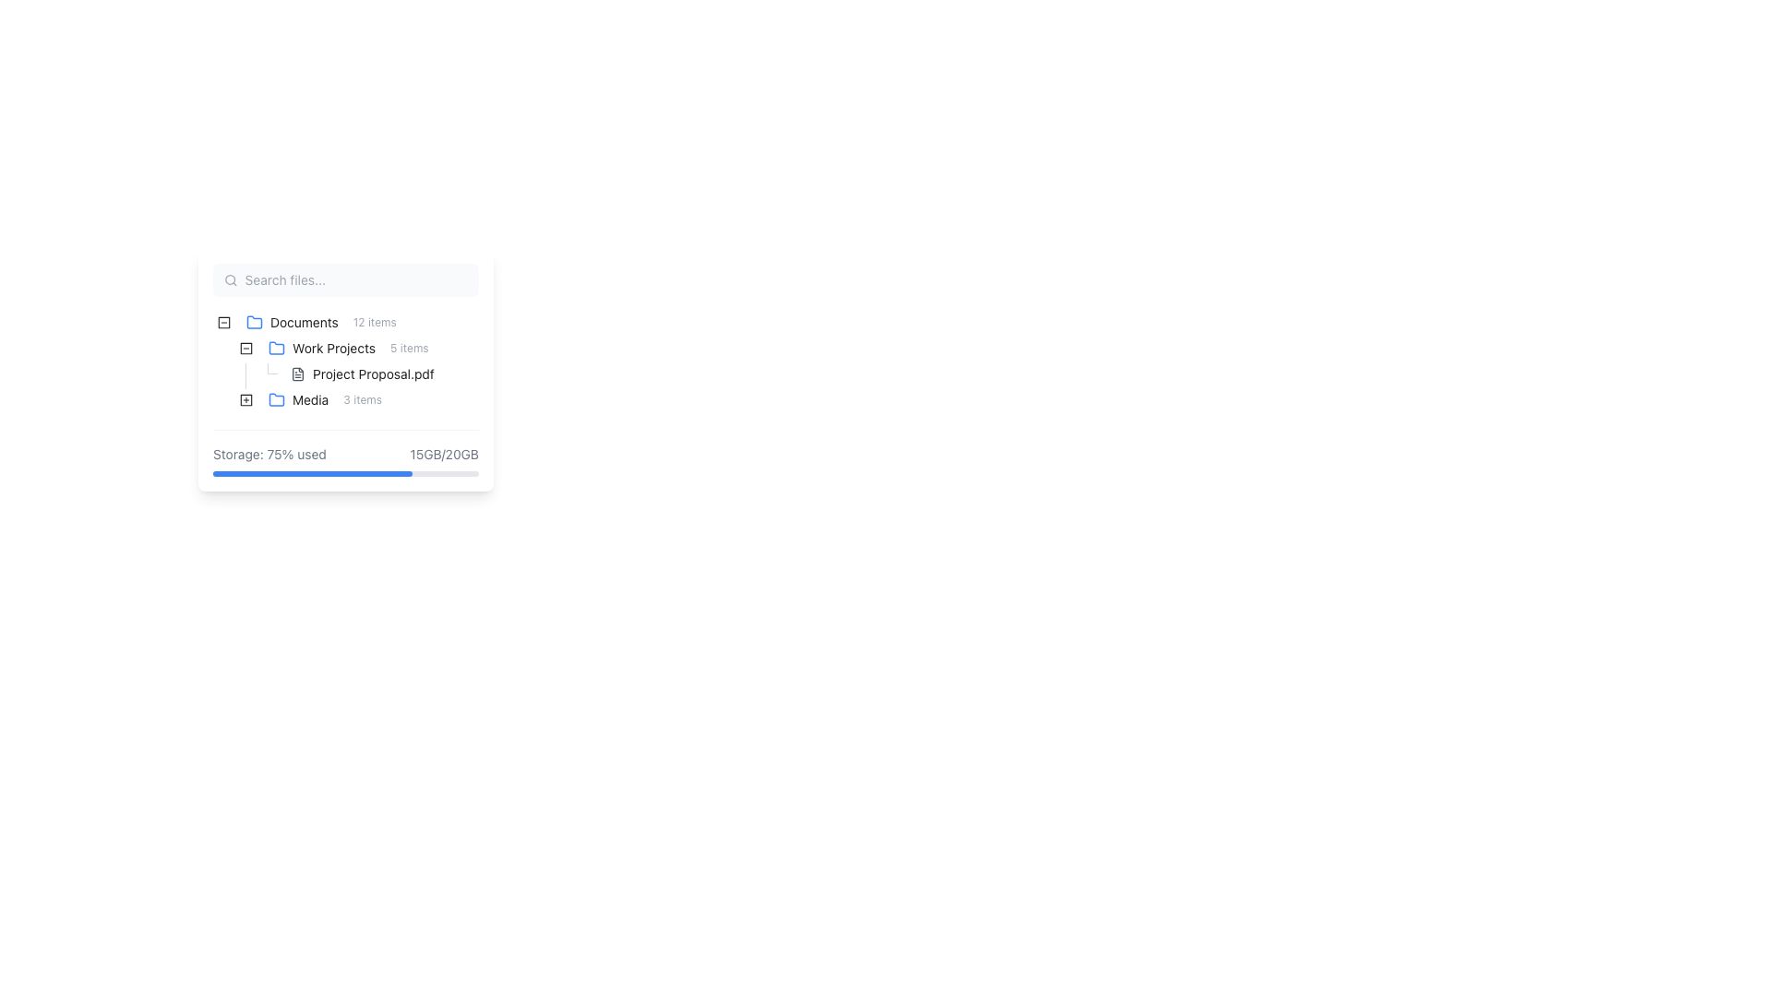 This screenshot has height=996, width=1772. What do you see at coordinates (268, 373) in the screenshot?
I see `the Indicator for the leaf node of 'Project Proposal.pdf' in the tree view under 'Work Projects'` at bounding box center [268, 373].